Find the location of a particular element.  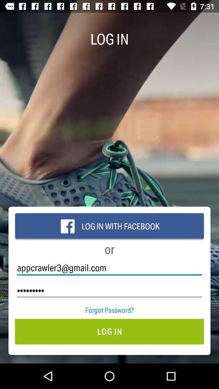

the icon below crowd3116 is located at coordinates (109, 310).